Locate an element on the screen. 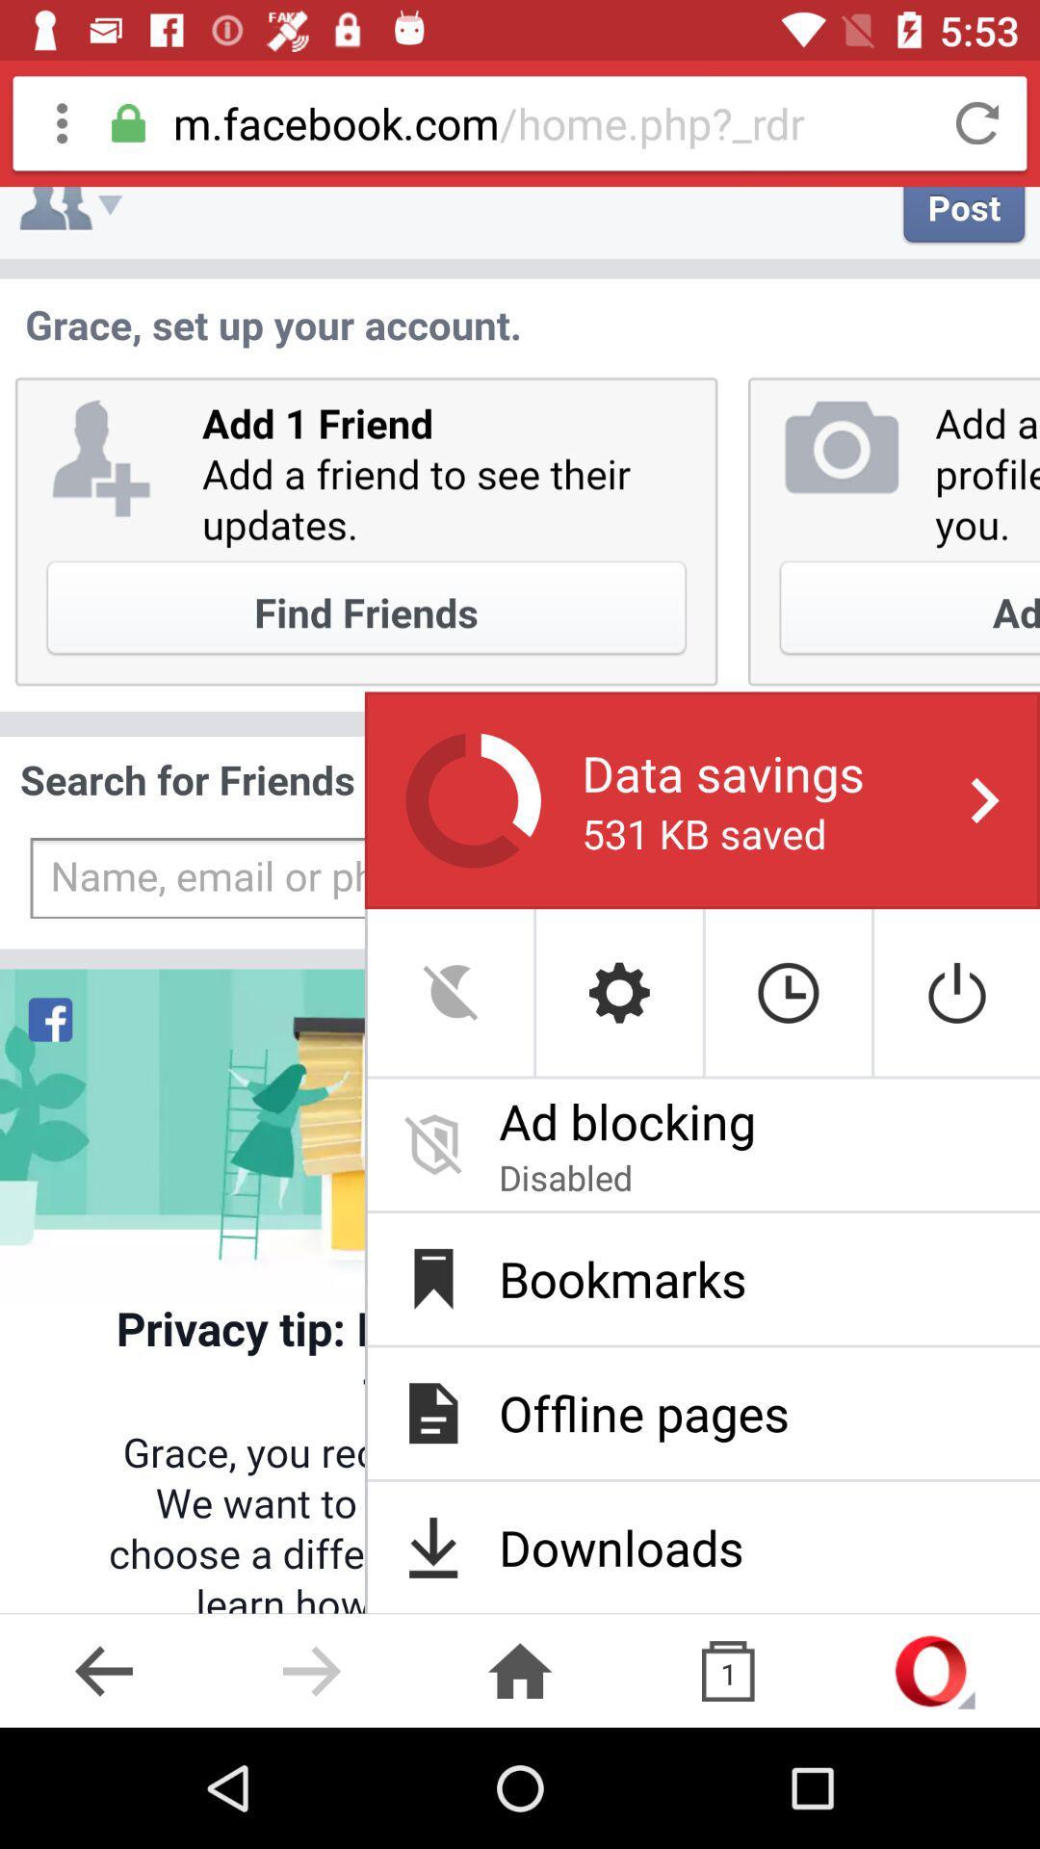 Image resolution: width=1040 pixels, height=1849 pixels. the home icon is located at coordinates (520, 1670).